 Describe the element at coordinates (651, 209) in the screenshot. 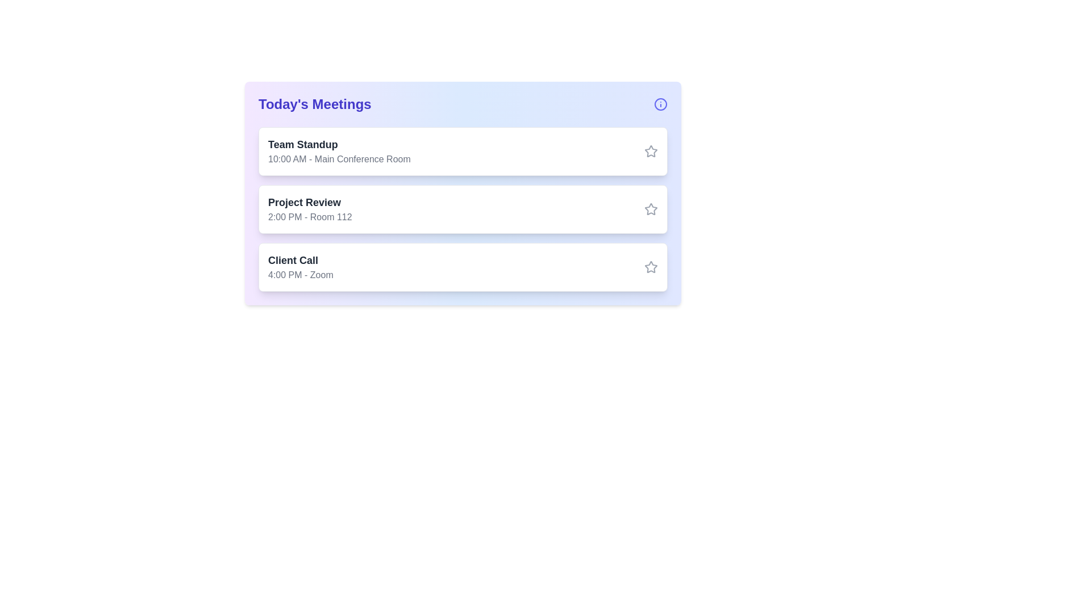

I see `the hollow star icon button with a gray outline located at the right end of the 'Project Review' card, next to '2:00 PM - Room 112'` at that location.